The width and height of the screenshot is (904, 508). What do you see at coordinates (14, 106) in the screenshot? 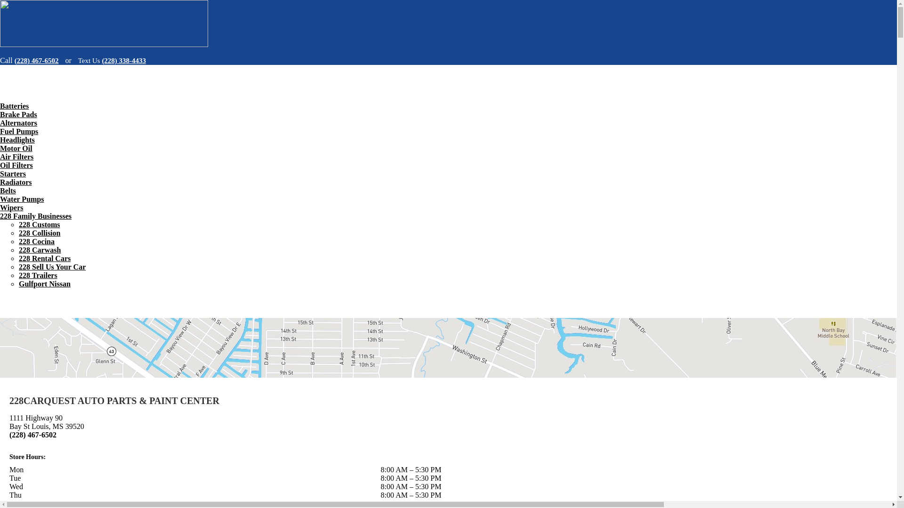
I see `'Batteries'` at bounding box center [14, 106].